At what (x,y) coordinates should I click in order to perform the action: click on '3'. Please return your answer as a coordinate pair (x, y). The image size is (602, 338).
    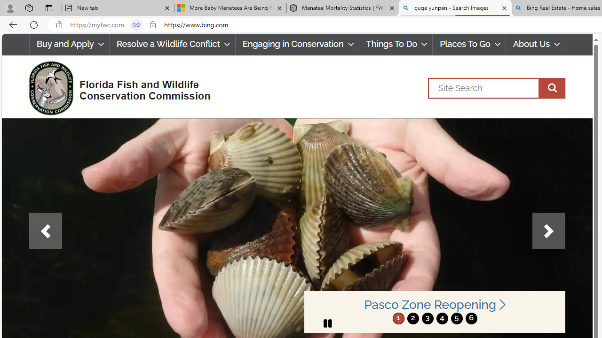
    Looking at the image, I should click on (427, 318).